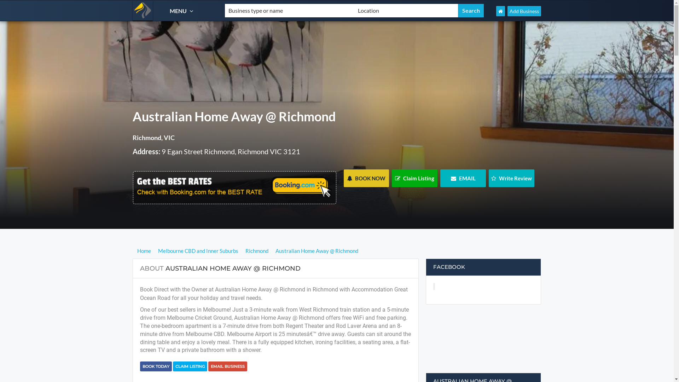  What do you see at coordinates (156, 366) in the screenshot?
I see `'BOOK TODAY'` at bounding box center [156, 366].